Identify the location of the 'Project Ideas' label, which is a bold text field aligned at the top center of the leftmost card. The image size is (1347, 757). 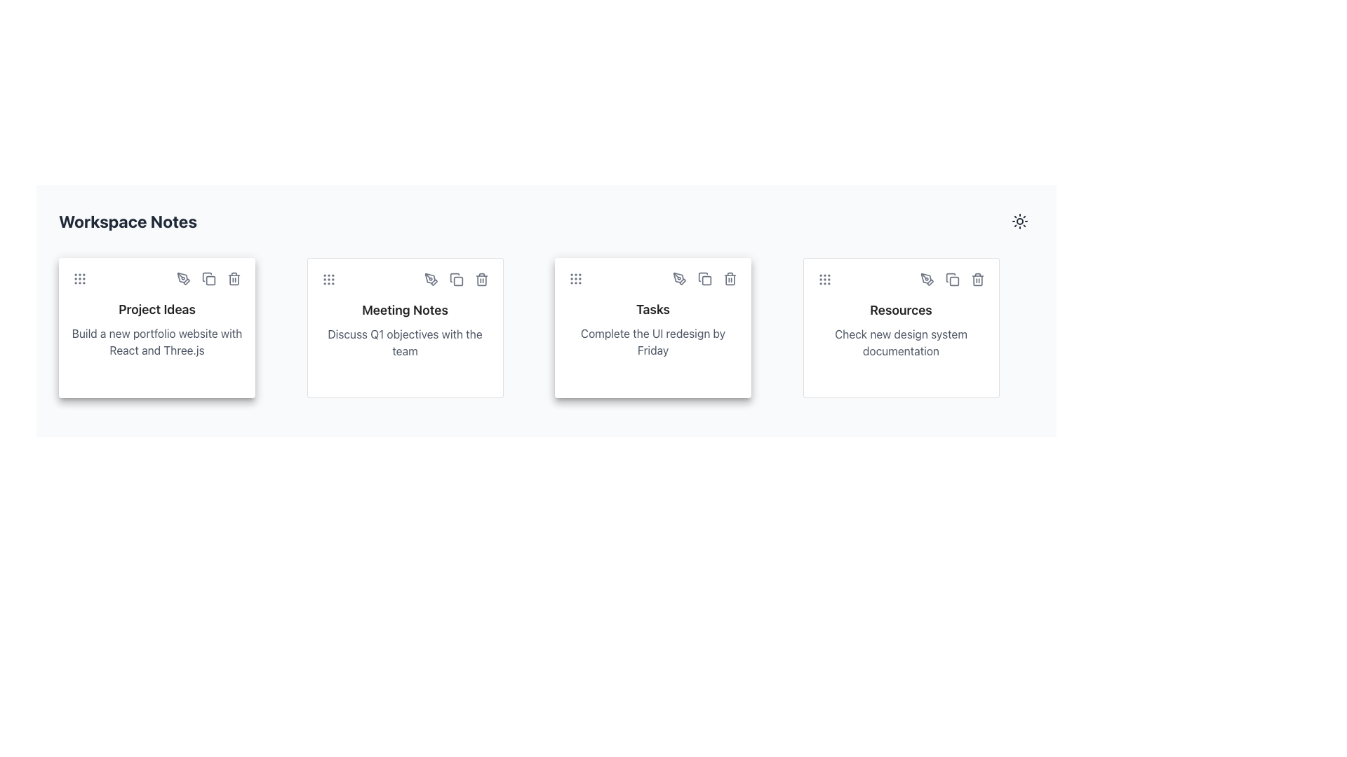
(157, 309).